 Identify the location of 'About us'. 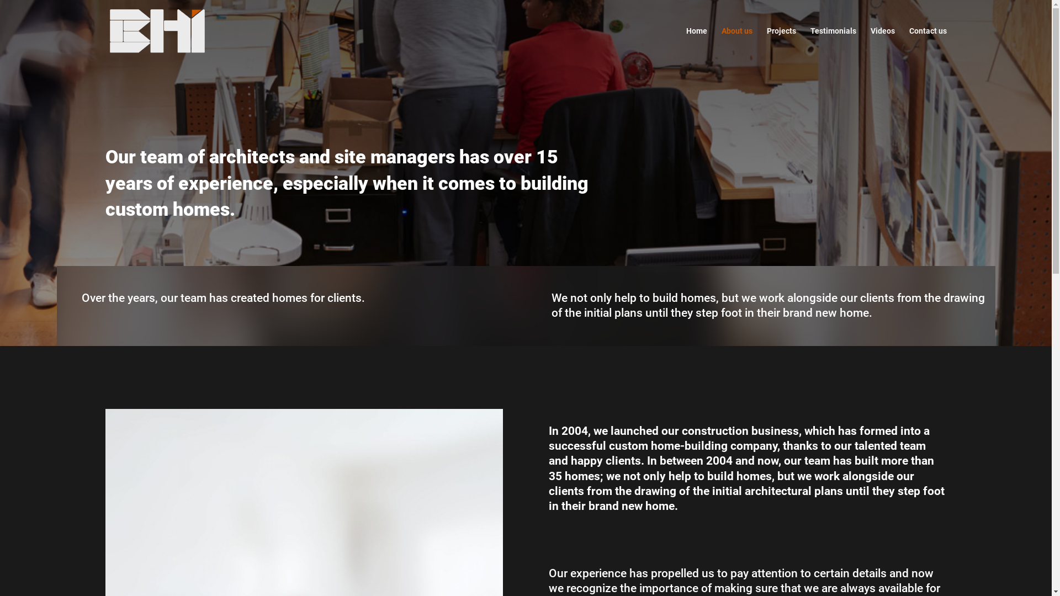
(736, 44).